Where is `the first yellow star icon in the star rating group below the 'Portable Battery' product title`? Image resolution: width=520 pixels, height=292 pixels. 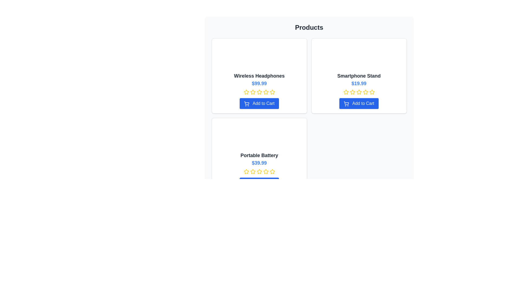
the first yellow star icon in the star rating group below the 'Portable Battery' product title is located at coordinates (246, 172).